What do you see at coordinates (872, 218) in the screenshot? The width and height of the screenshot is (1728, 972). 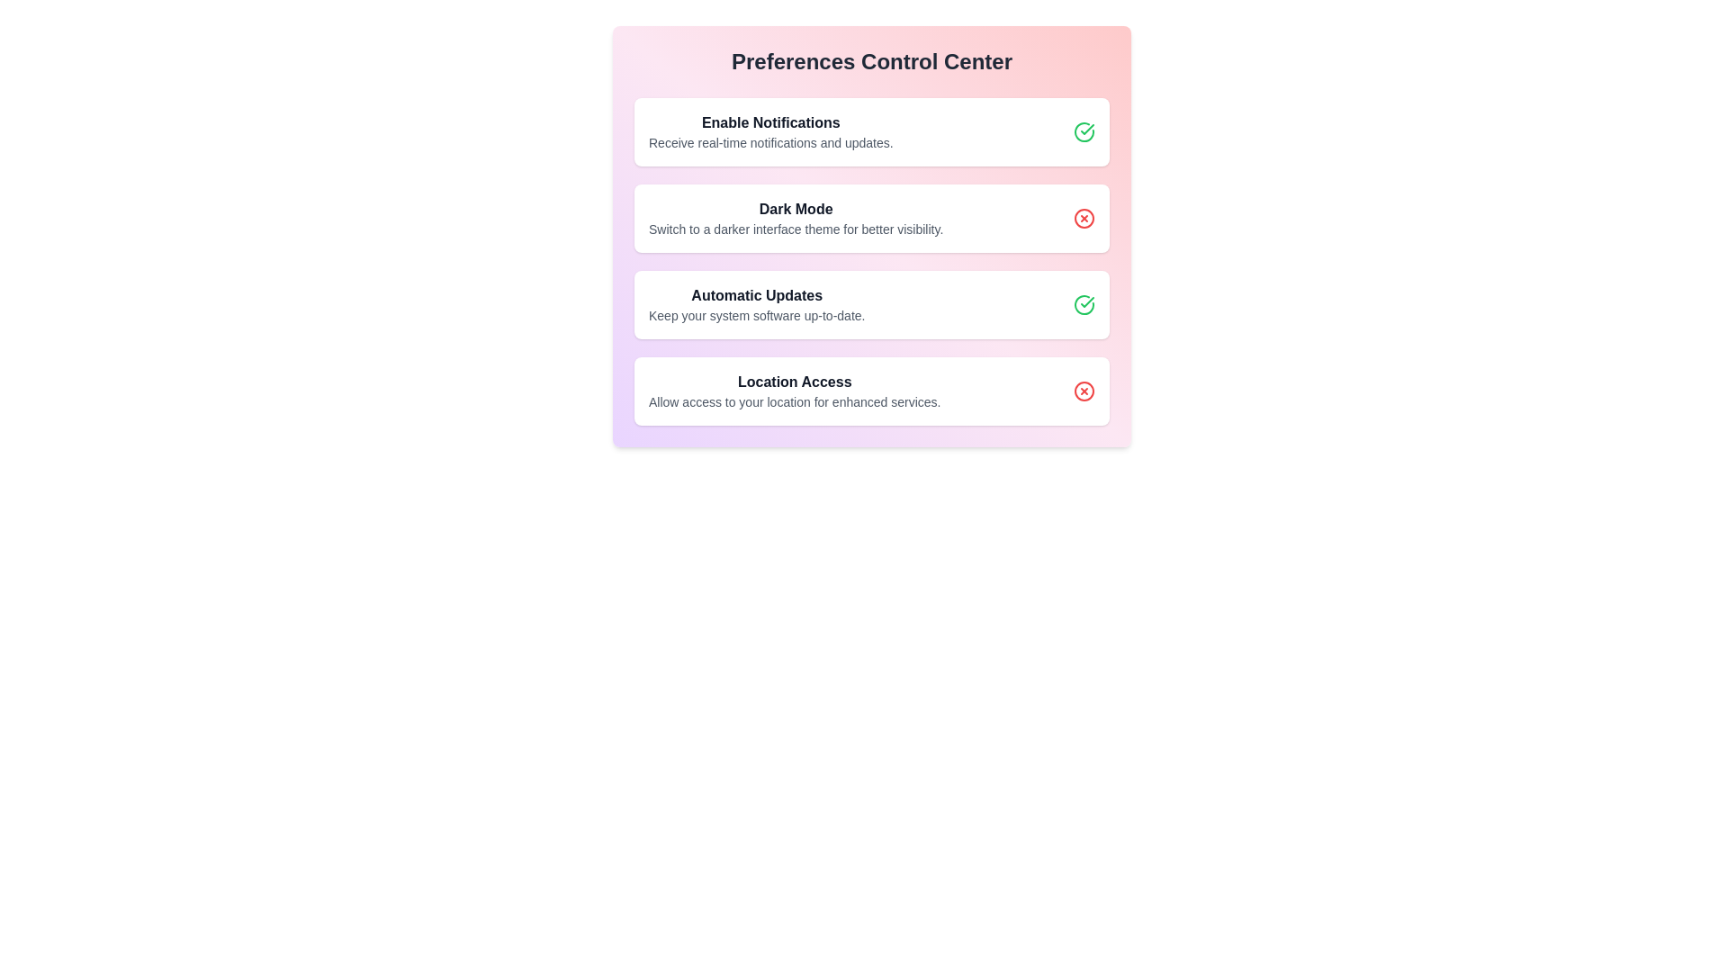 I see `the 'Dark Mode' option in the Preferences Control Center` at bounding box center [872, 218].